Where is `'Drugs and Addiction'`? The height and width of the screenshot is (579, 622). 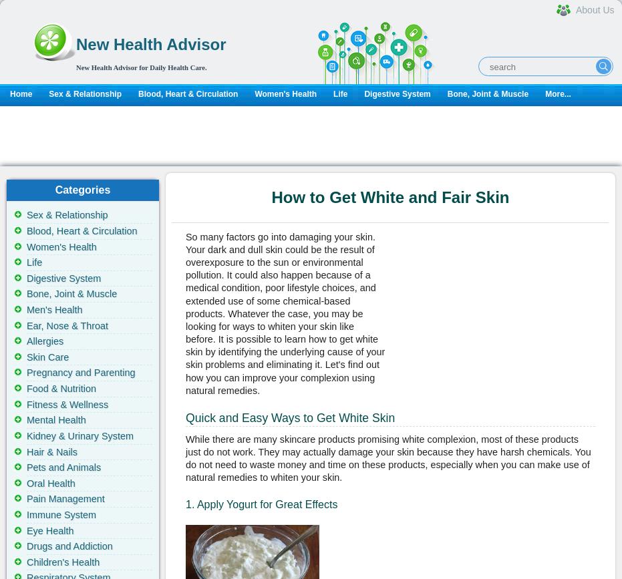 'Drugs and Addiction' is located at coordinates (69, 546).